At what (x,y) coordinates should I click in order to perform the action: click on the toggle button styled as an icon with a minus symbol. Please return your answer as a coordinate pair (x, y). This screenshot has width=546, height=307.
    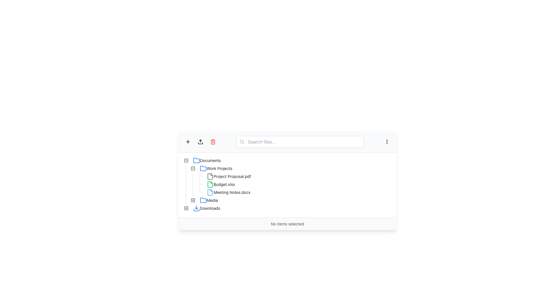
    Looking at the image, I should click on (193, 168).